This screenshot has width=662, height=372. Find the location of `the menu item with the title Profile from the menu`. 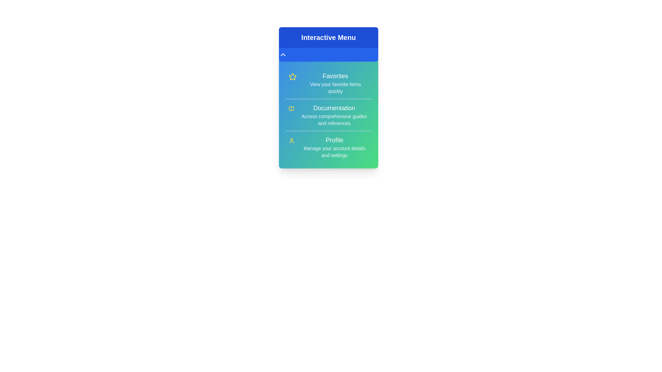

the menu item with the title Profile from the menu is located at coordinates (328, 146).